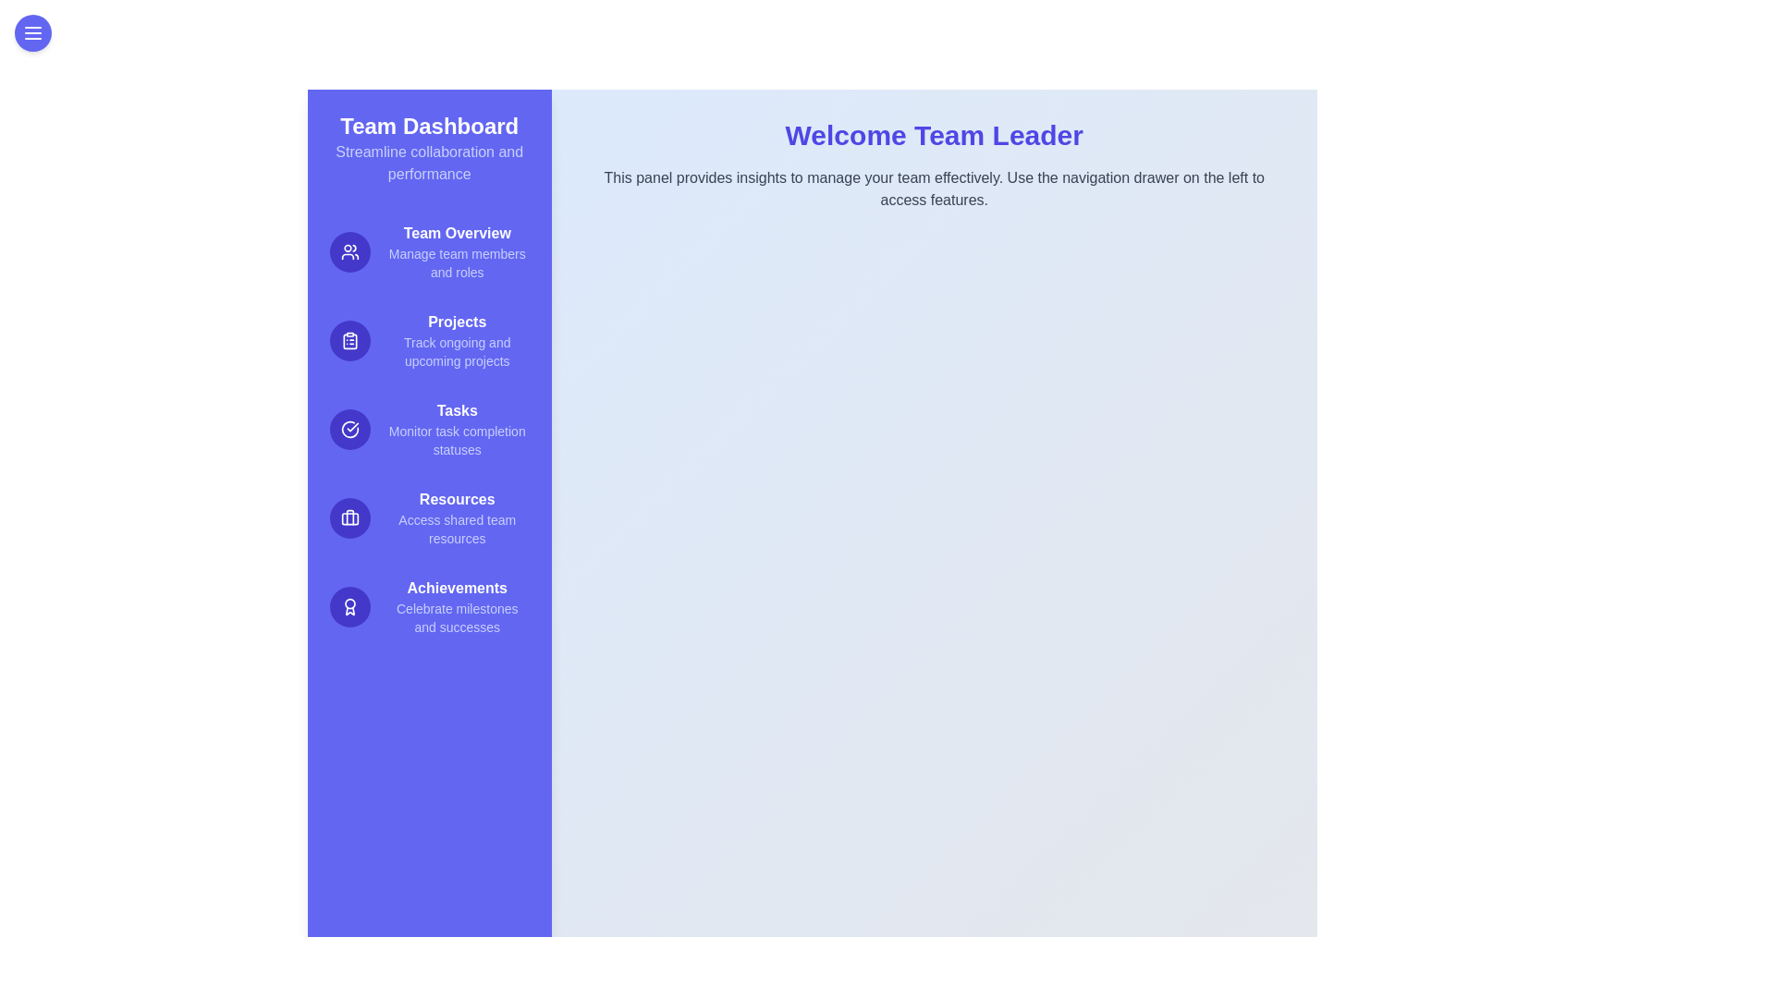 This screenshot has height=998, width=1775. What do you see at coordinates (428, 341) in the screenshot?
I see `the menu item Projects to see its hover effect` at bounding box center [428, 341].